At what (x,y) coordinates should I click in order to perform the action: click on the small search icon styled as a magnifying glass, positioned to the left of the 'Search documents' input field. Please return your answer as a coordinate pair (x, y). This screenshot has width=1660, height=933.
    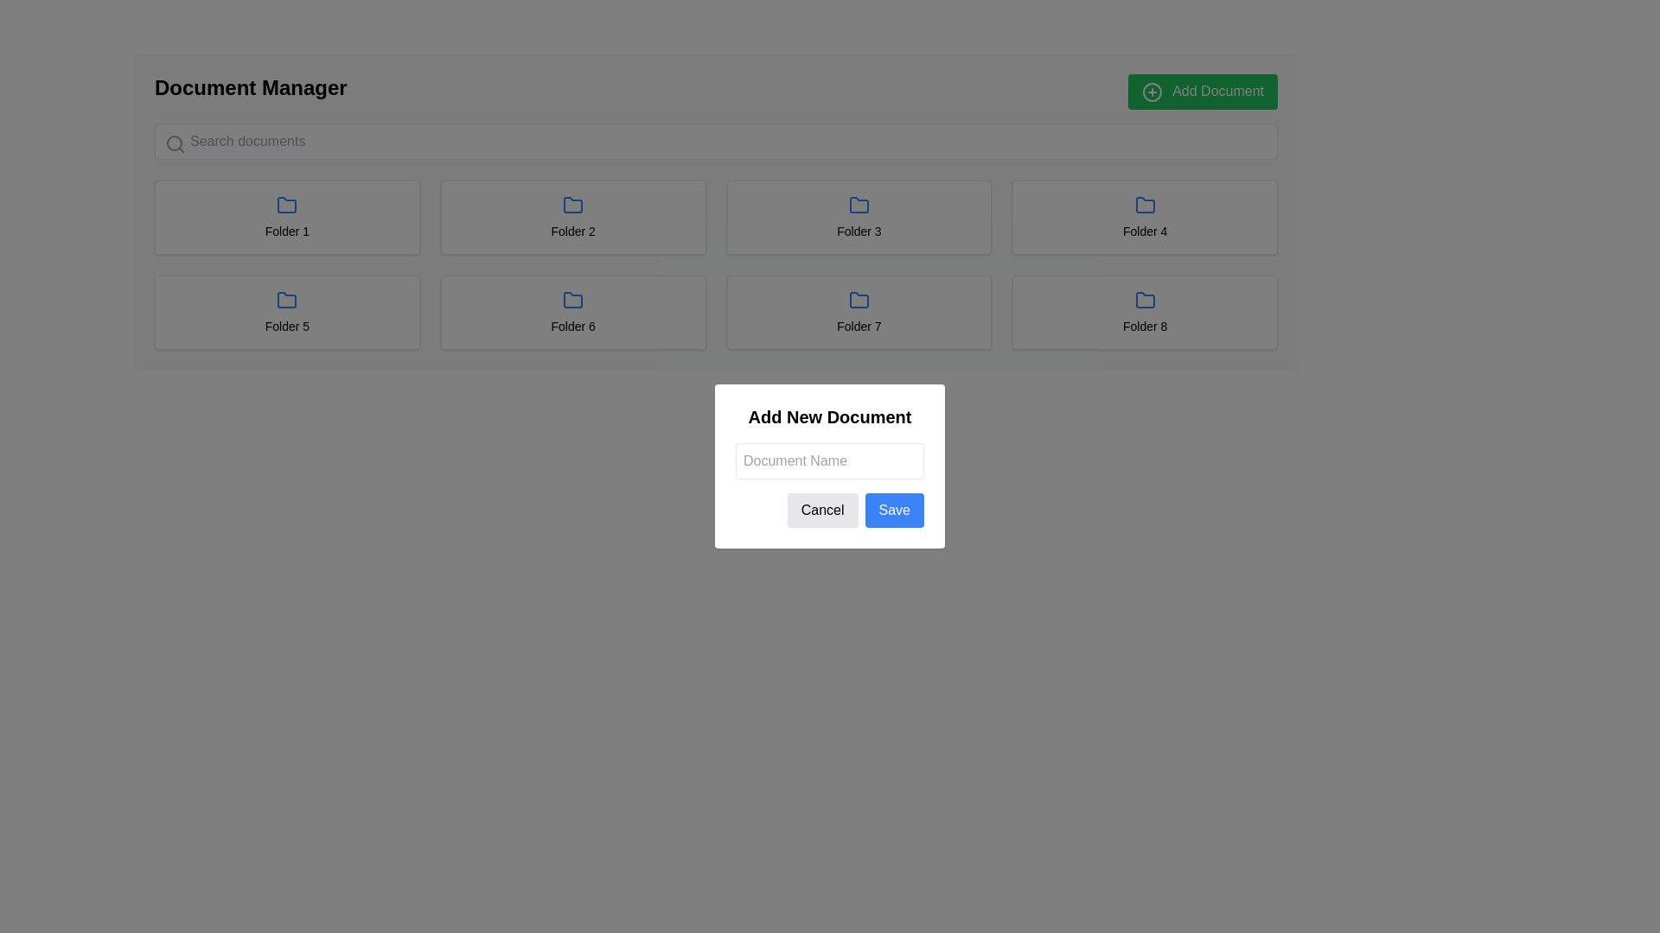
    Looking at the image, I should click on (175, 142).